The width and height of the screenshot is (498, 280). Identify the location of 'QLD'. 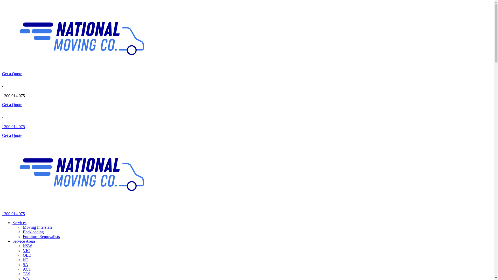
(27, 255).